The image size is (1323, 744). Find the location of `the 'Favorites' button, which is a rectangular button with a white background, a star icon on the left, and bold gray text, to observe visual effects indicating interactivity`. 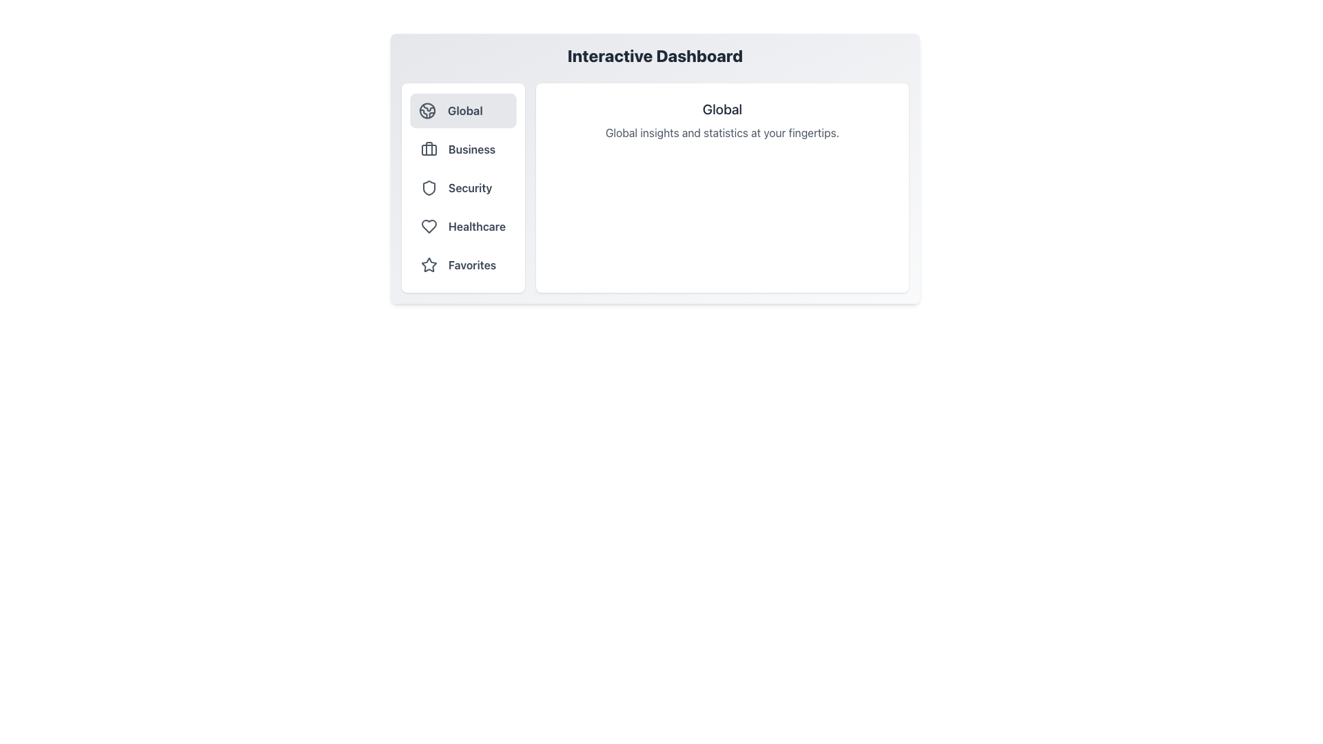

the 'Favorites' button, which is a rectangular button with a white background, a star icon on the left, and bold gray text, to observe visual effects indicating interactivity is located at coordinates (463, 265).